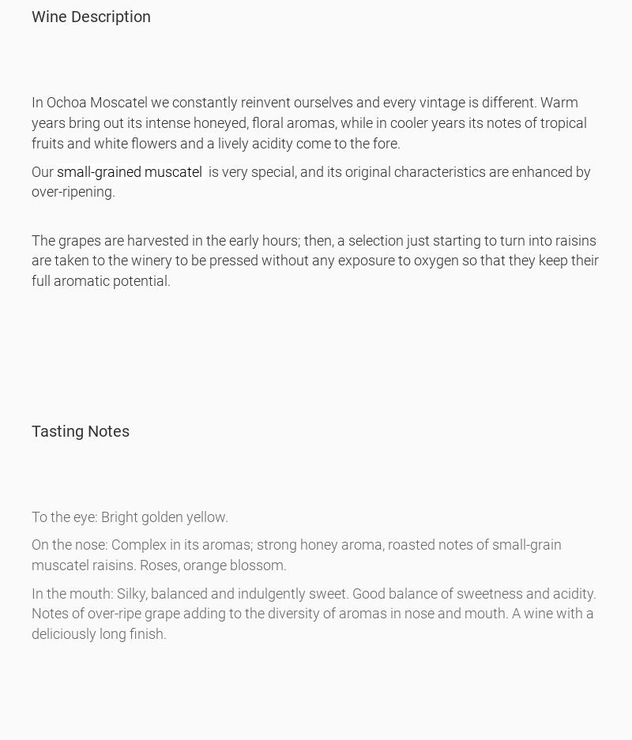 The height and width of the screenshot is (740, 632). What do you see at coordinates (310, 180) in the screenshot?
I see `'is very special, and its original characteristics are enhanced by over-ripening.'` at bounding box center [310, 180].